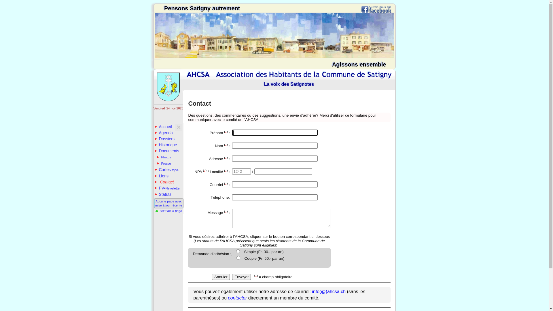 This screenshot has height=311, width=553. I want to click on 'Historique', so click(165, 144).